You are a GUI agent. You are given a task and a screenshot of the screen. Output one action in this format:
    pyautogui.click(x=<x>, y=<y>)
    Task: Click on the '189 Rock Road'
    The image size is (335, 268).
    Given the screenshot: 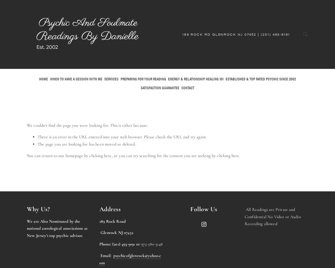 What is the action you would take?
    pyautogui.click(x=99, y=221)
    